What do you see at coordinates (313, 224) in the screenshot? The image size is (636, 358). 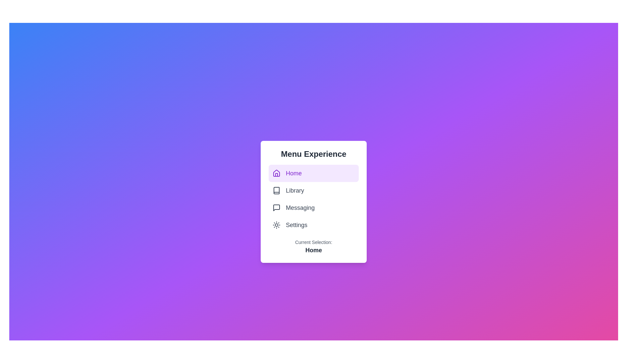 I see `the 'Settings' menu item to select it` at bounding box center [313, 224].